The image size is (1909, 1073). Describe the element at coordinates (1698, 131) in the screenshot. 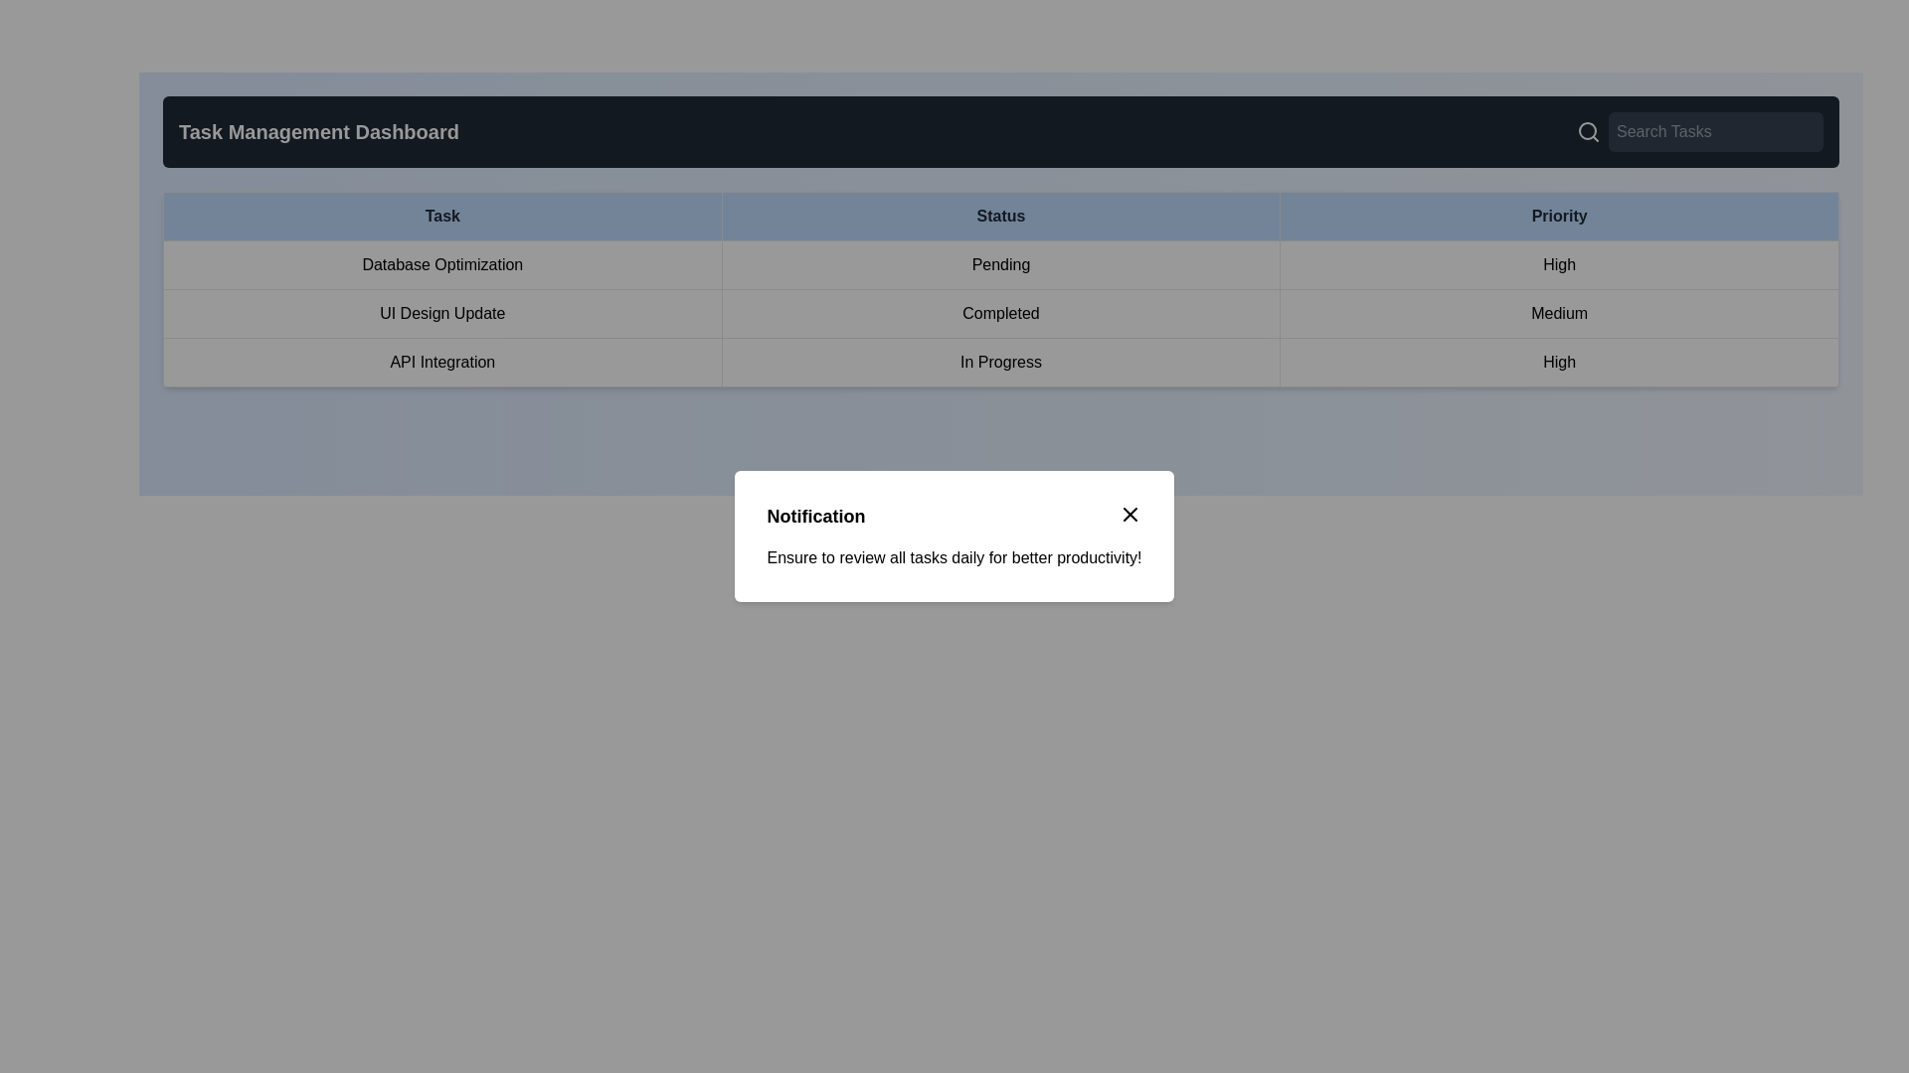

I see `the Search bar in the top-right corner of the Task Management Dashboard` at that location.